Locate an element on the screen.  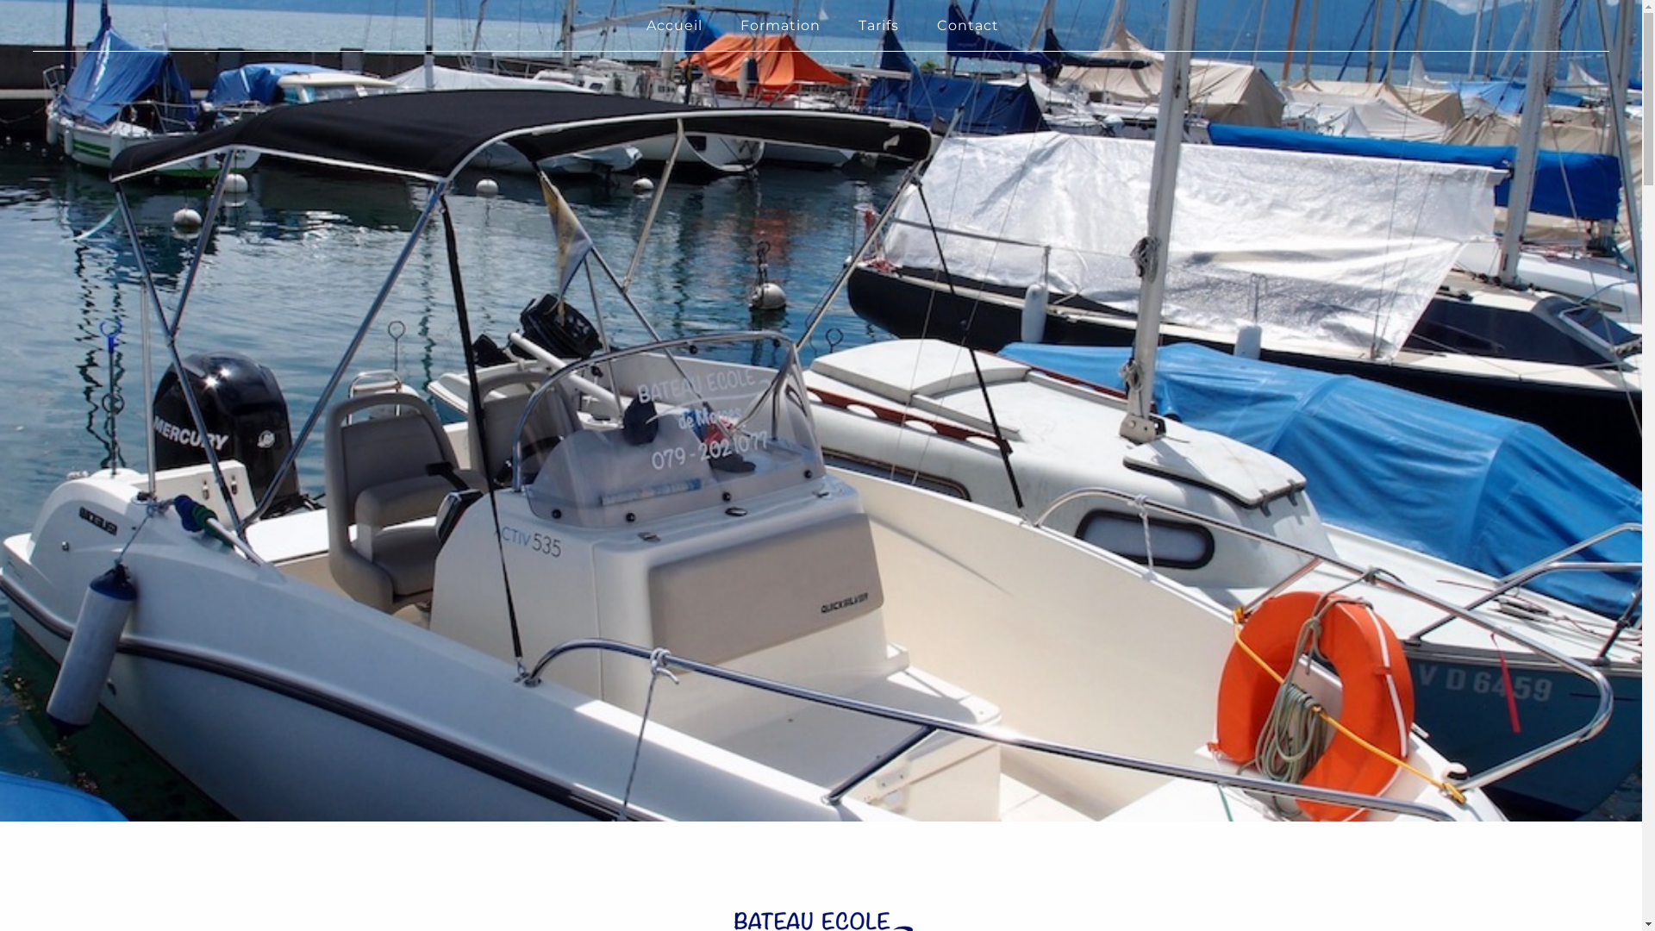
'Formation' is located at coordinates (779, 25).